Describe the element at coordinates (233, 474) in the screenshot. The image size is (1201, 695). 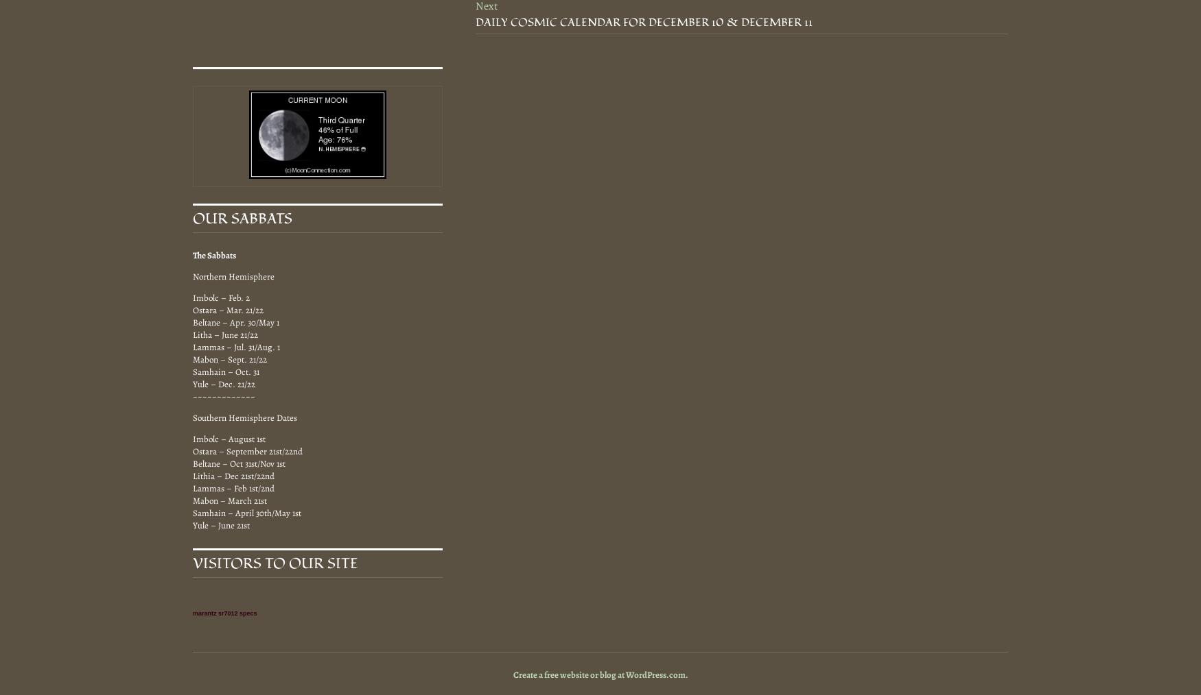
I see `'Lithia – Dec 21st/22nd'` at that location.